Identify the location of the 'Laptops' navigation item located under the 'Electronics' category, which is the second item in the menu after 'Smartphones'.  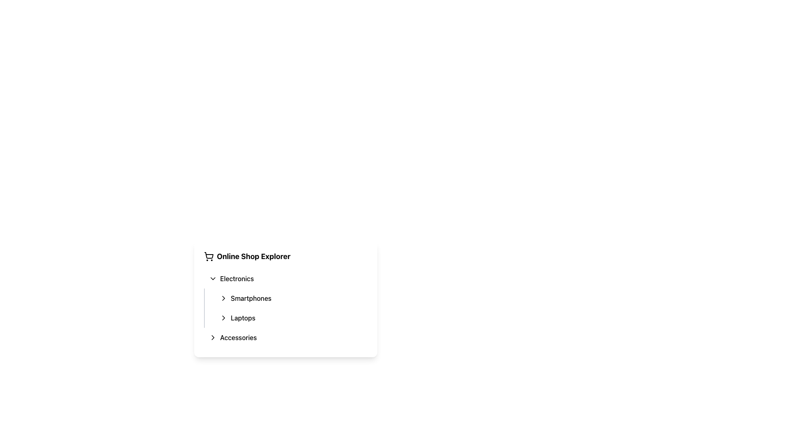
(291, 317).